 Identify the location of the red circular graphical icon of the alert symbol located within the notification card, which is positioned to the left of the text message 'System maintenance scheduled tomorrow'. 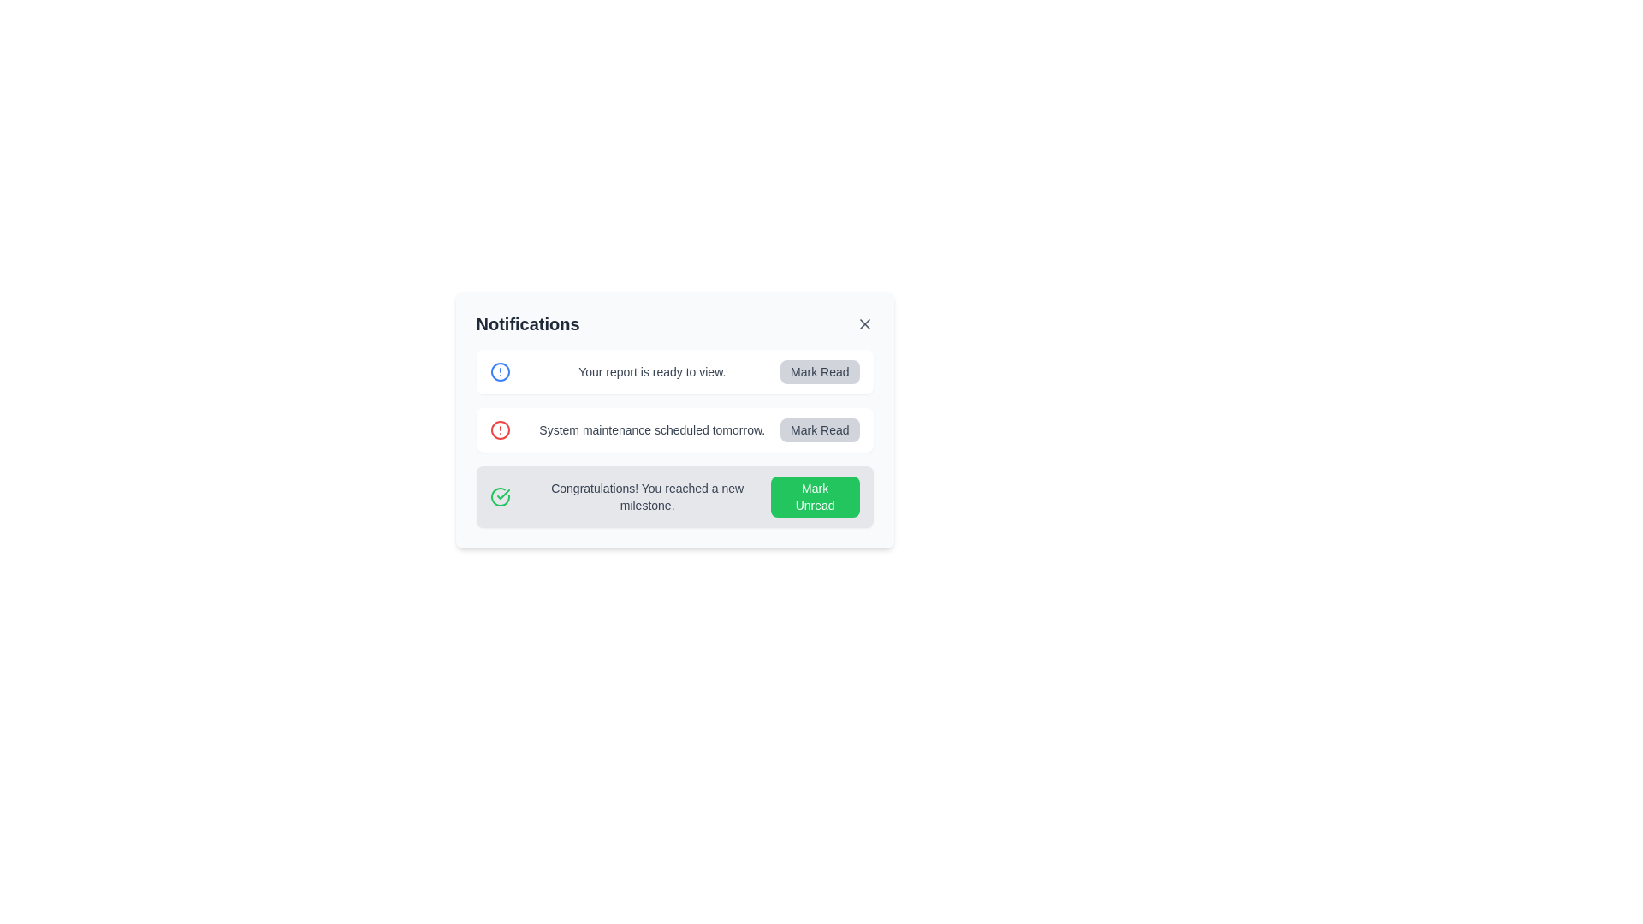
(499, 429).